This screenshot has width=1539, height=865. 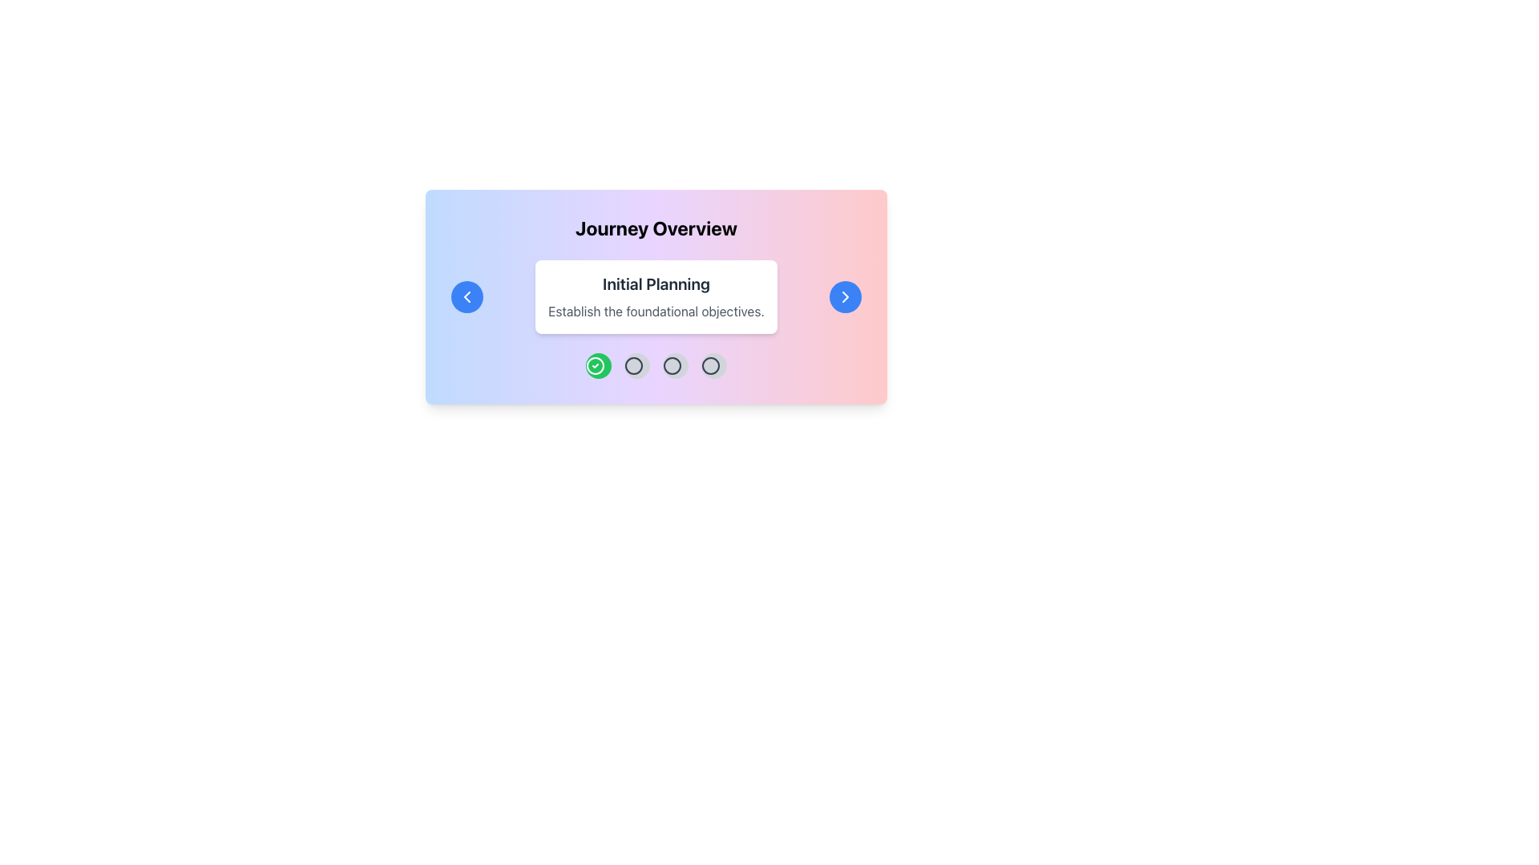 I want to click on the fourth circular button located beneath the 'Initial Planning' section in the central part of the interface, so click(x=713, y=365).